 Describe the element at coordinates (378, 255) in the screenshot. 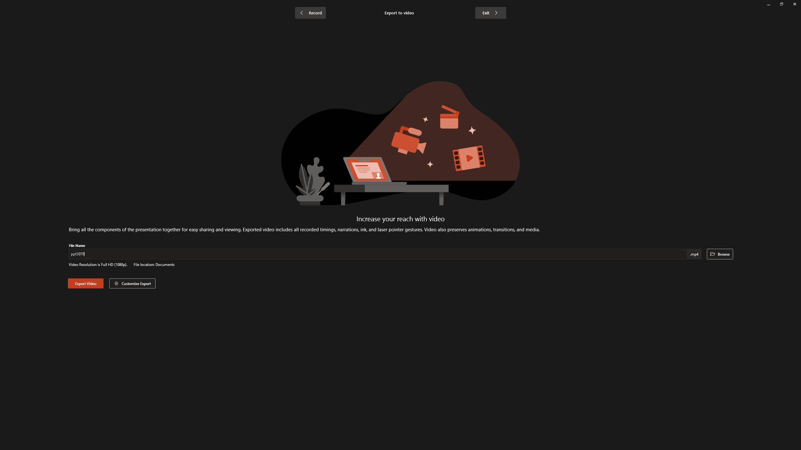

I see `'Filename'` at that location.